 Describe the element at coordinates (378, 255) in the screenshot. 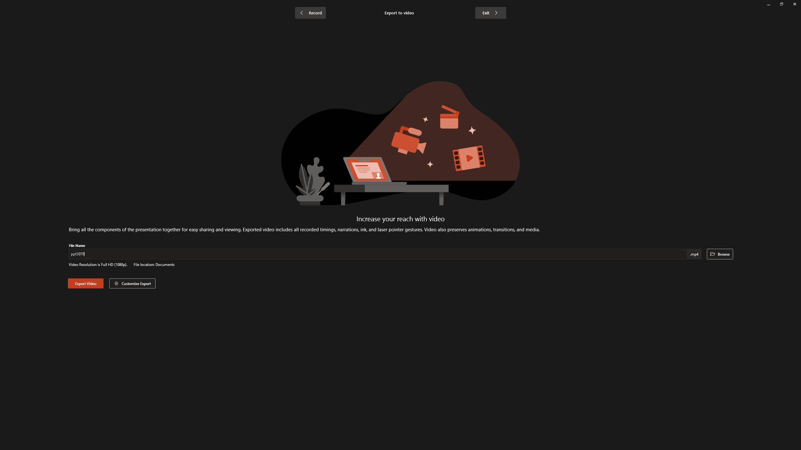

I see `'Filename'` at that location.